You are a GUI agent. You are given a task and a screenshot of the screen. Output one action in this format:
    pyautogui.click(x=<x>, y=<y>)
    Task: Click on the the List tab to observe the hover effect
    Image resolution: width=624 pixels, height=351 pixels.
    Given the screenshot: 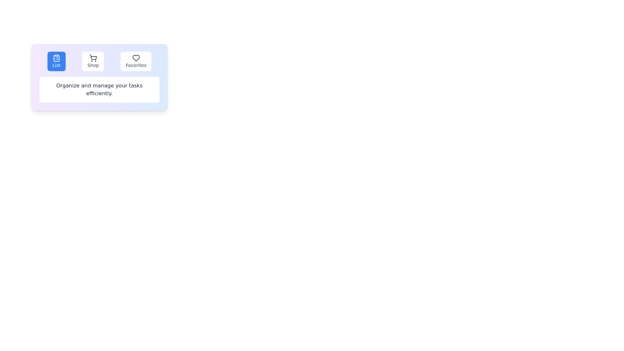 What is the action you would take?
    pyautogui.click(x=56, y=61)
    